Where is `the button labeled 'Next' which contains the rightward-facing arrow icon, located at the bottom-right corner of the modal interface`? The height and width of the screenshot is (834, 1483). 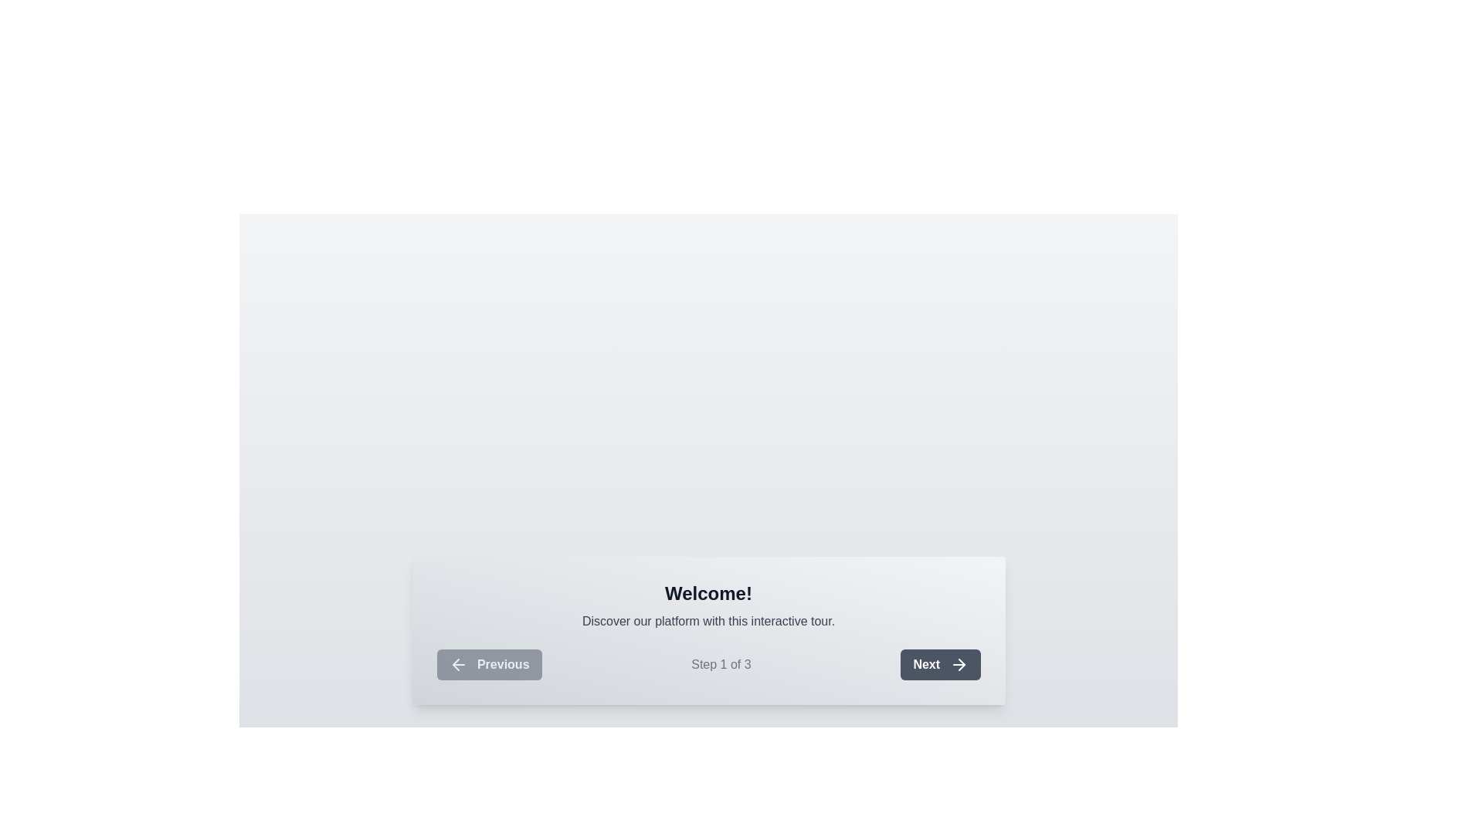
the button labeled 'Next' which contains the rightward-facing arrow icon, located at the bottom-right corner of the modal interface is located at coordinates (958, 664).